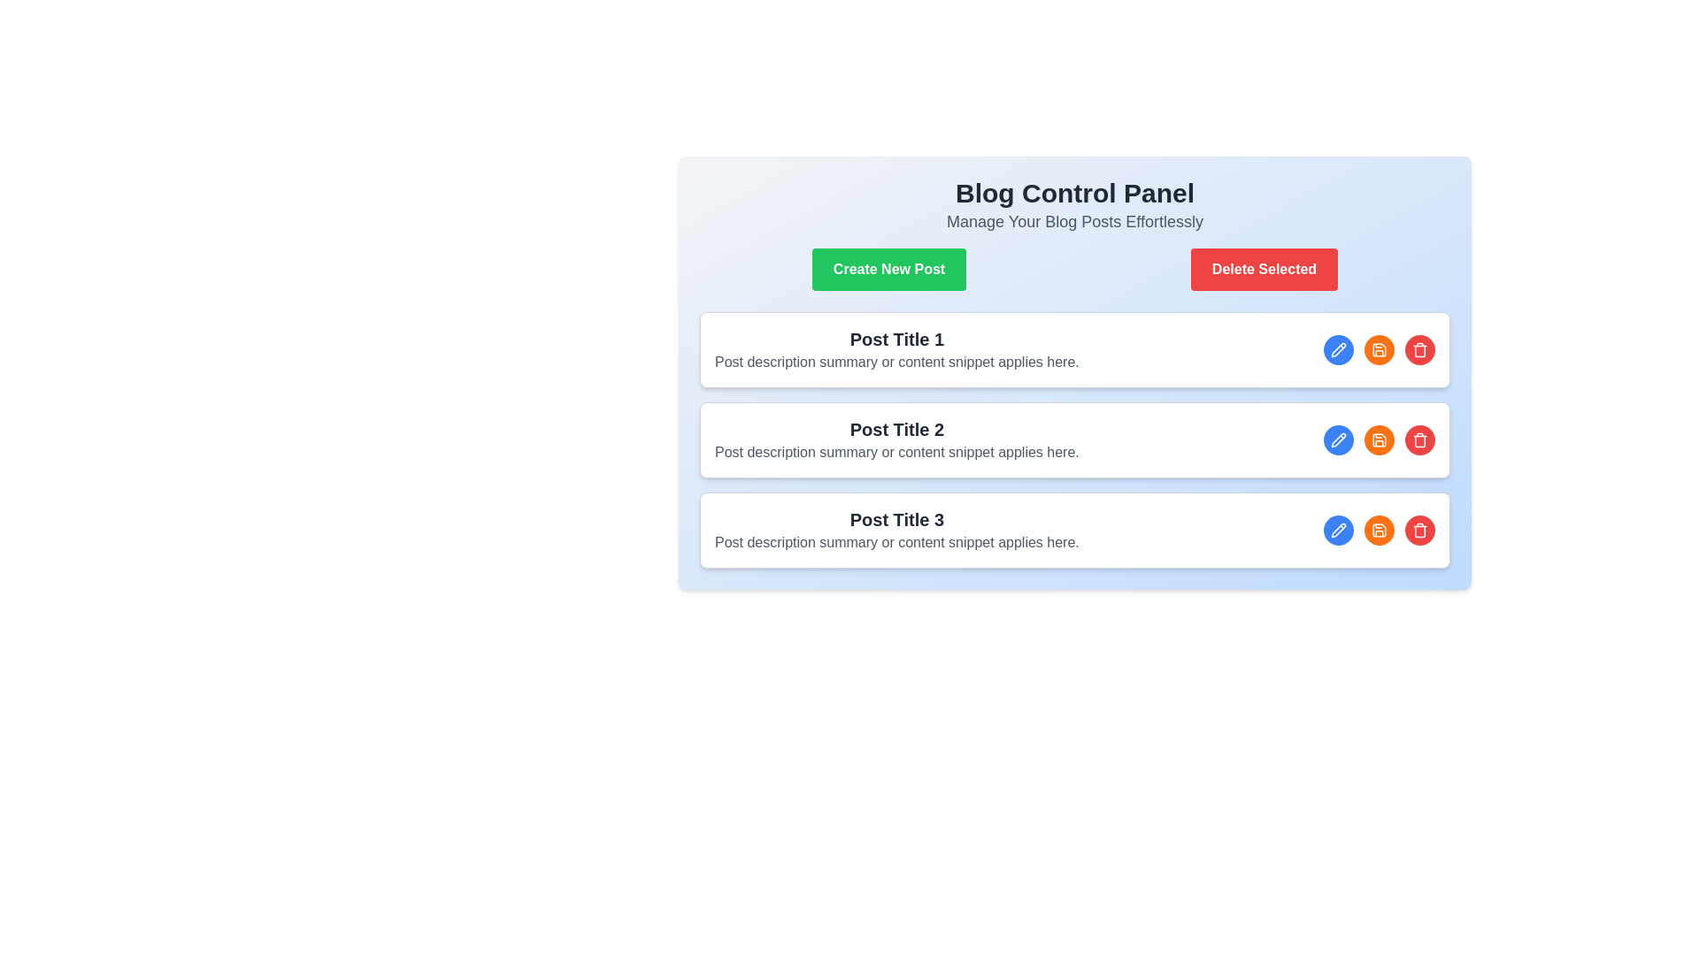  Describe the element at coordinates (1379, 350) in the screenshot. I see `the floppy disk icon in the action bar for 'Post Title 2'` at that location.